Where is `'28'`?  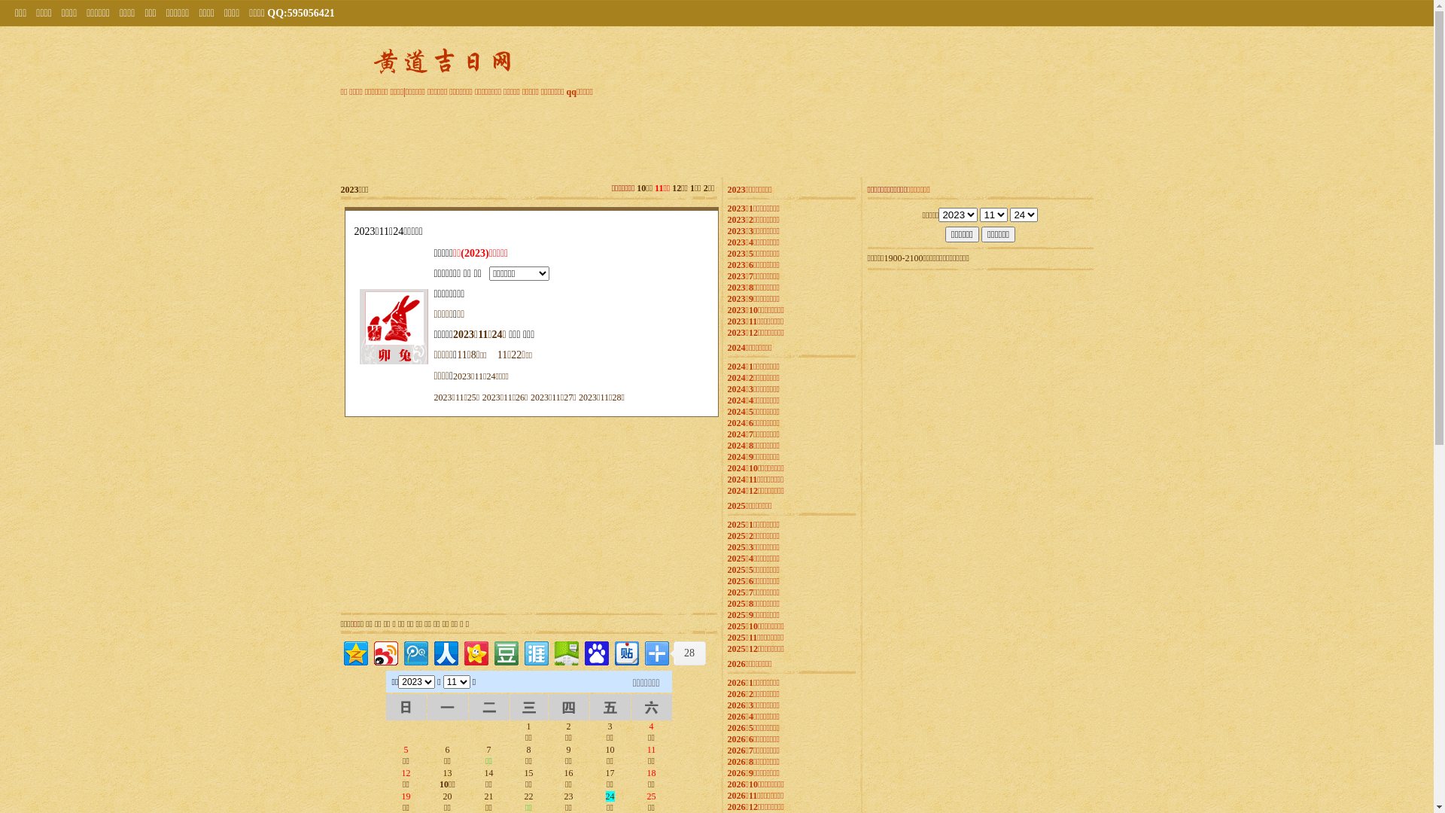 '28' is located at coordinates (686, 652).